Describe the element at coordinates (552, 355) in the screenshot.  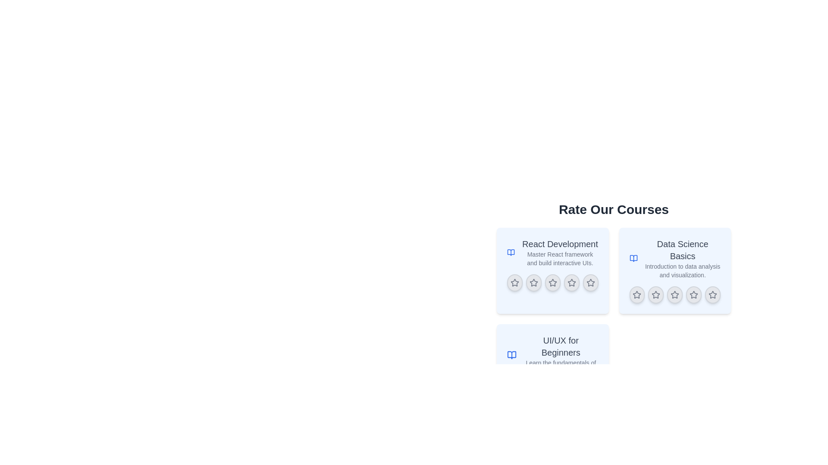
I see `the Information Card element featuring the title 'UI/UX for Beginners' and a blue book icon, positioned at the top-right side of the interface below the header 'Rate Our Courses'` at that location.